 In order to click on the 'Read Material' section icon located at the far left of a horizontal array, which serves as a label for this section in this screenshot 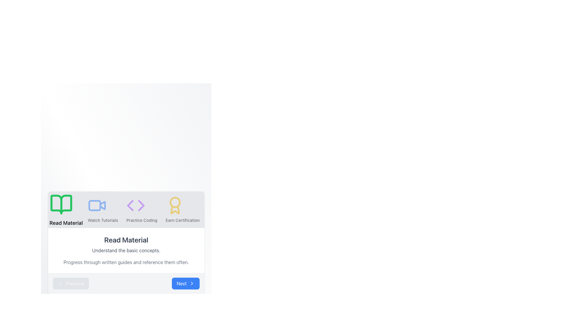, I will do `click(66, 209)`.